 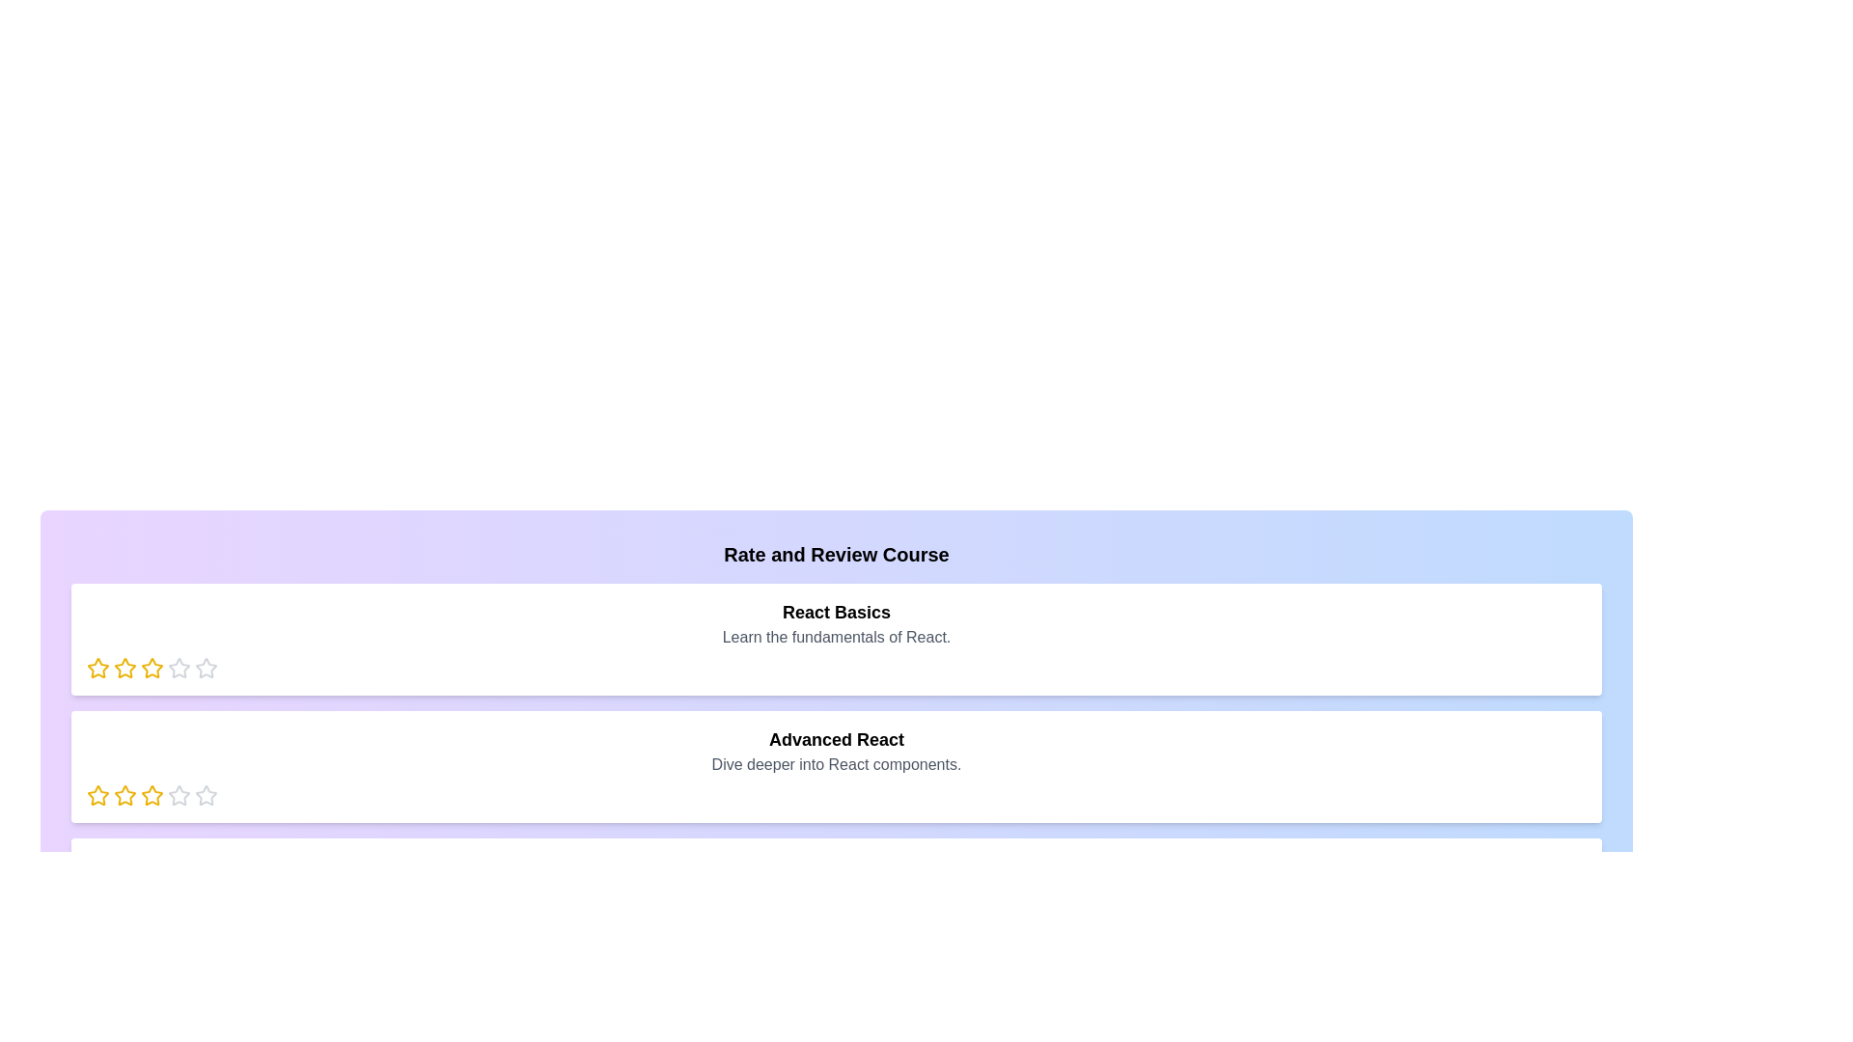 What do you see at coordinates (97, 795) in the screenshot?
I see `the first yellow star icon in the Star Rating Component for keyboard interactions` at bounding box center [97, 795].